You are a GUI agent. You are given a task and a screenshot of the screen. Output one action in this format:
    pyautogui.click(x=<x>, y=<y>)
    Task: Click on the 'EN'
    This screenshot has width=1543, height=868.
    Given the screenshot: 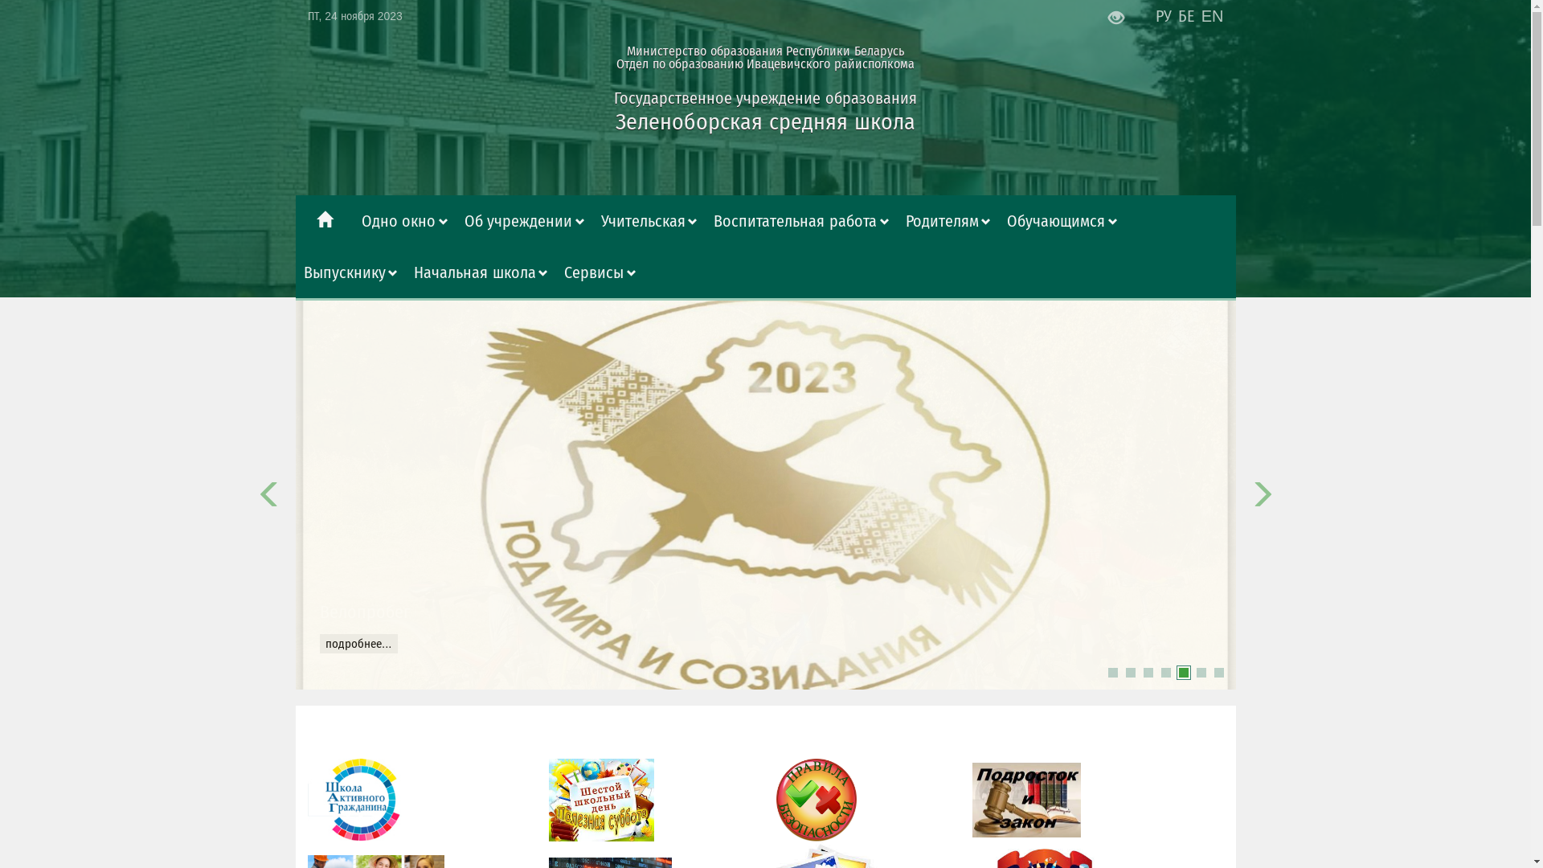 What is the action you would take?
    pyautogui.click(x=1212, y=15)
    